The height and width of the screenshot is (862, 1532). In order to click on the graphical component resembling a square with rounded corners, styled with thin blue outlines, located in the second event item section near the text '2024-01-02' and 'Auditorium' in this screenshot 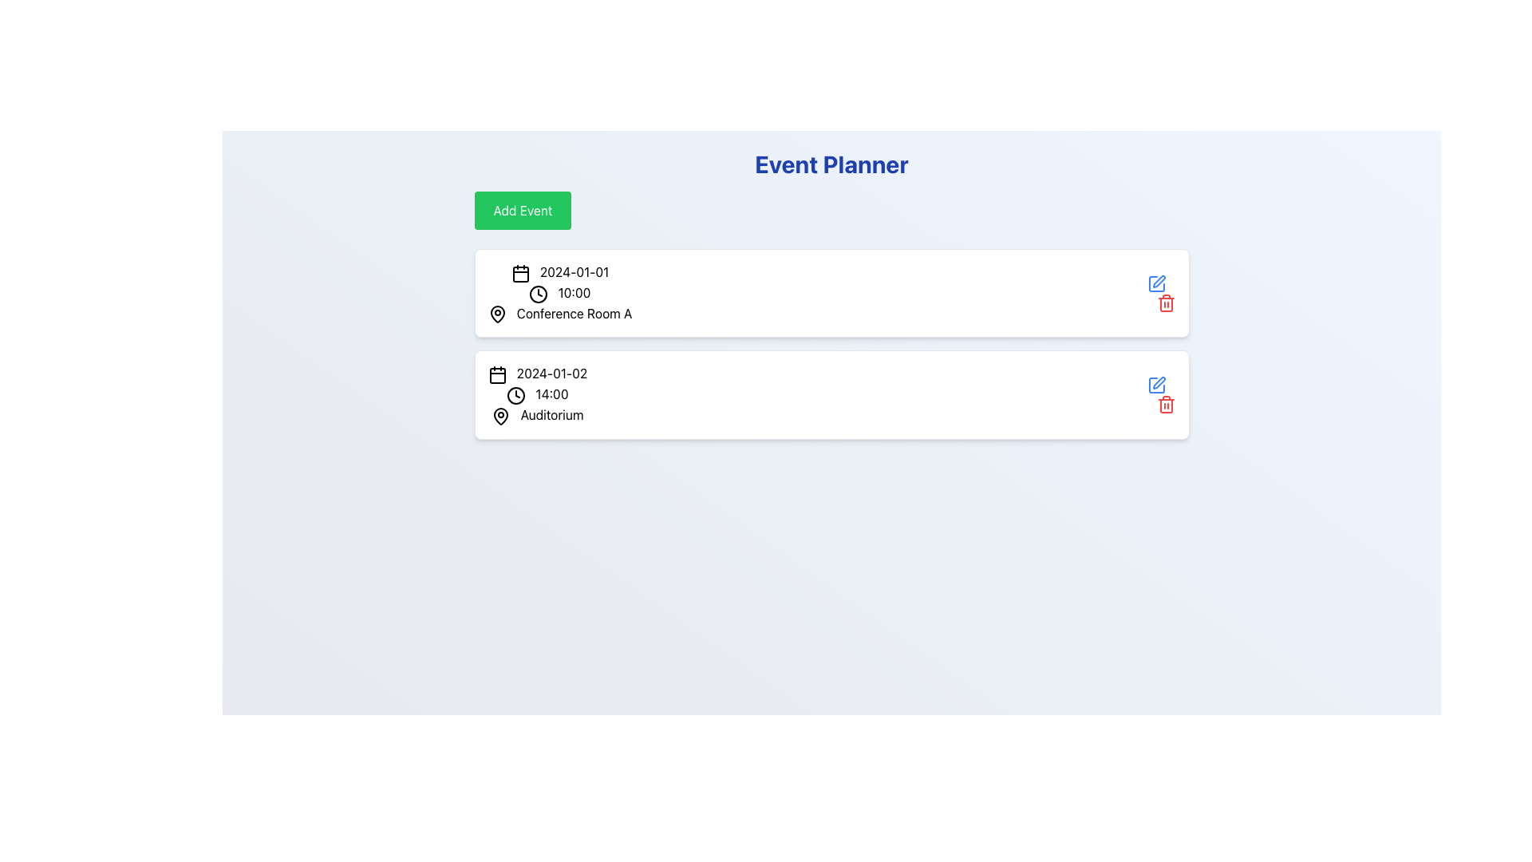, I will do `click(1156, 283)`.